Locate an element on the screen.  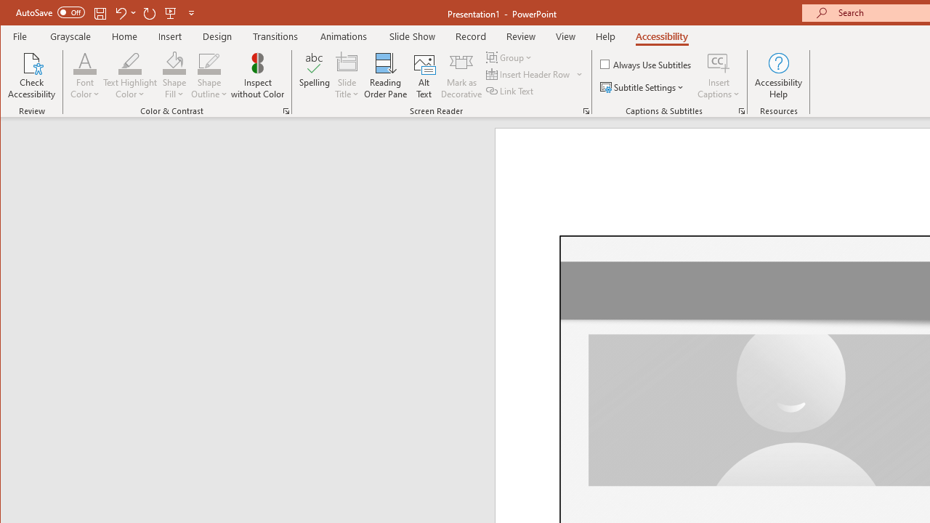
'Text Highlight Color' is located at coordinates (130, 76).